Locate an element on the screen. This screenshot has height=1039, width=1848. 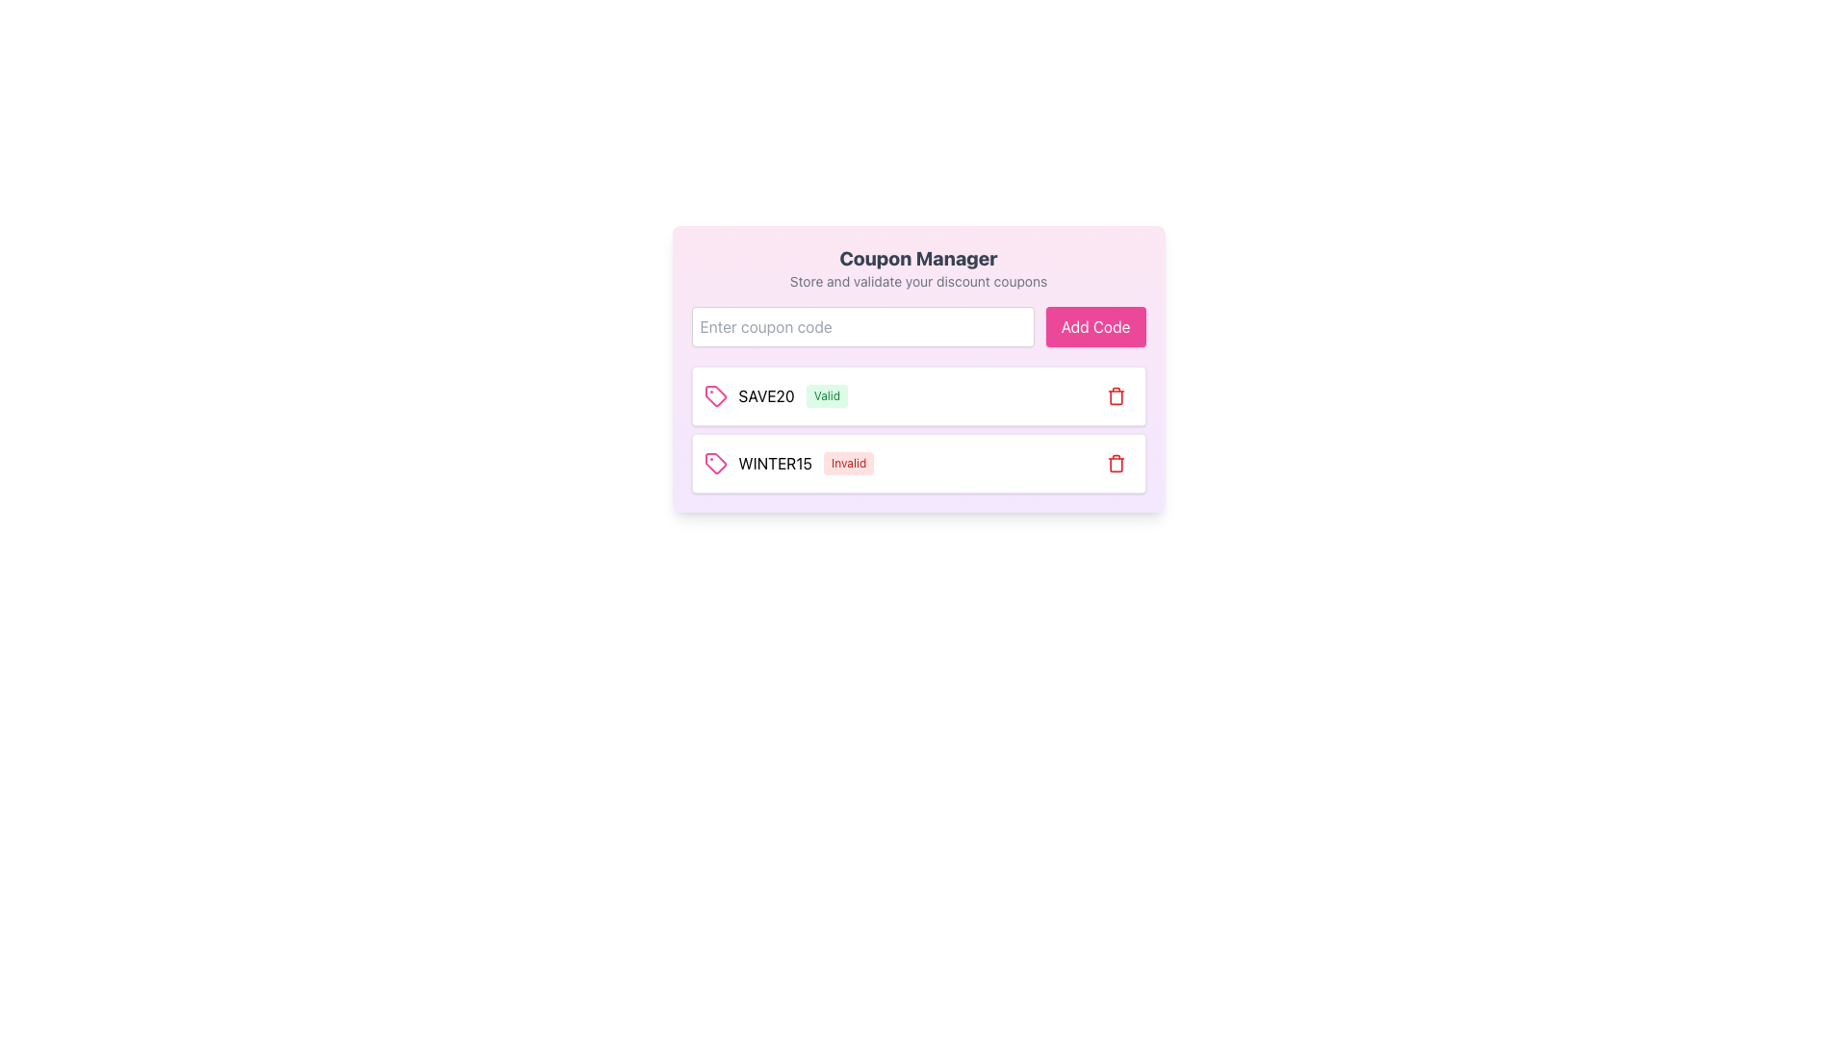
the coupon entry element displaying the text 'SAVE20' in bold black font and a green badge with the text 'Valid' is located at coordinates (776, 395).